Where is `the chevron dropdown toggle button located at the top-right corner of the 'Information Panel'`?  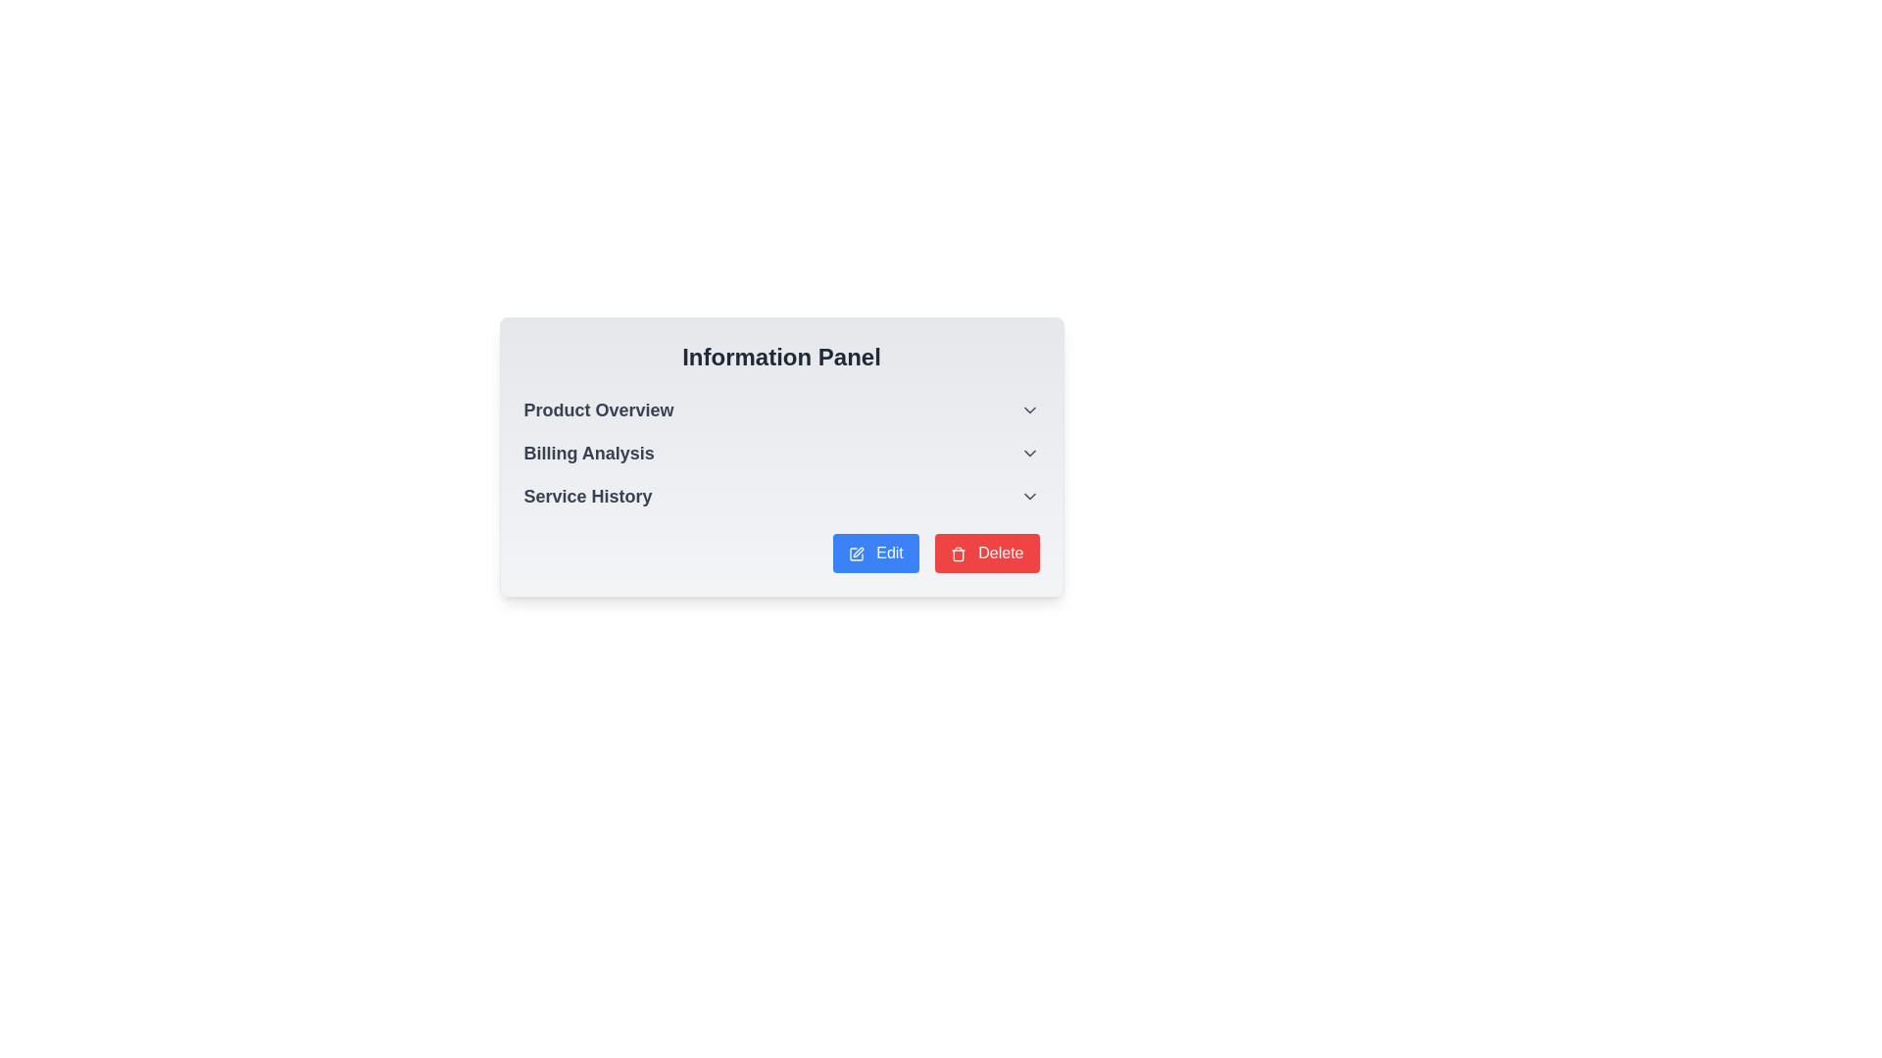
the chevron dropdown toggle button located at the top-right corner of the 'Information Panel' is located at coordinates (1028, 409).